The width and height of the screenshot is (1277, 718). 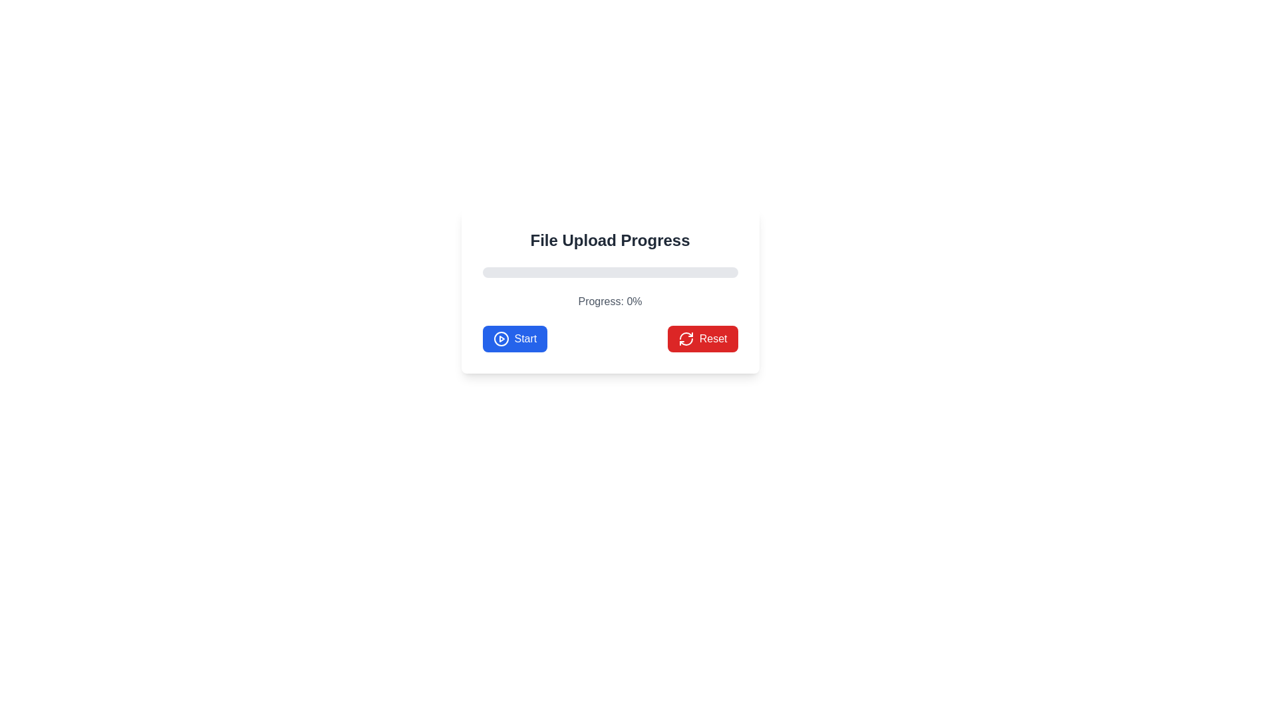 I want to click on the Button Group located at the bottom of the 'File Upload Progress' card interface, which is used for starting or resetting the upload process, so click(x=609, y=338).